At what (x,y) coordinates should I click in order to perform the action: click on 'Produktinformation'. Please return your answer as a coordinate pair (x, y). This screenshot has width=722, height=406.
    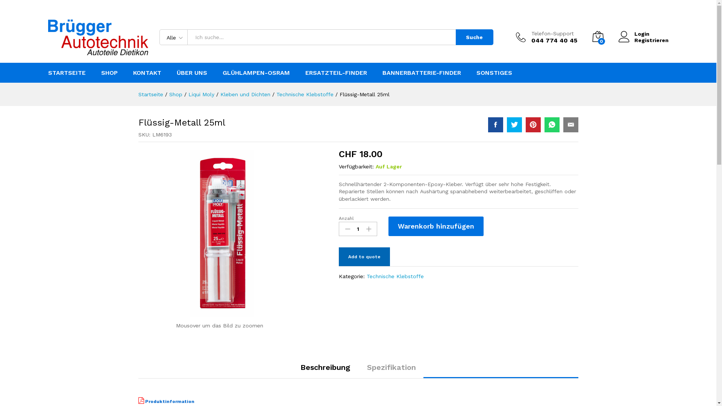
    Looking at the image, I should click on (166, 401).